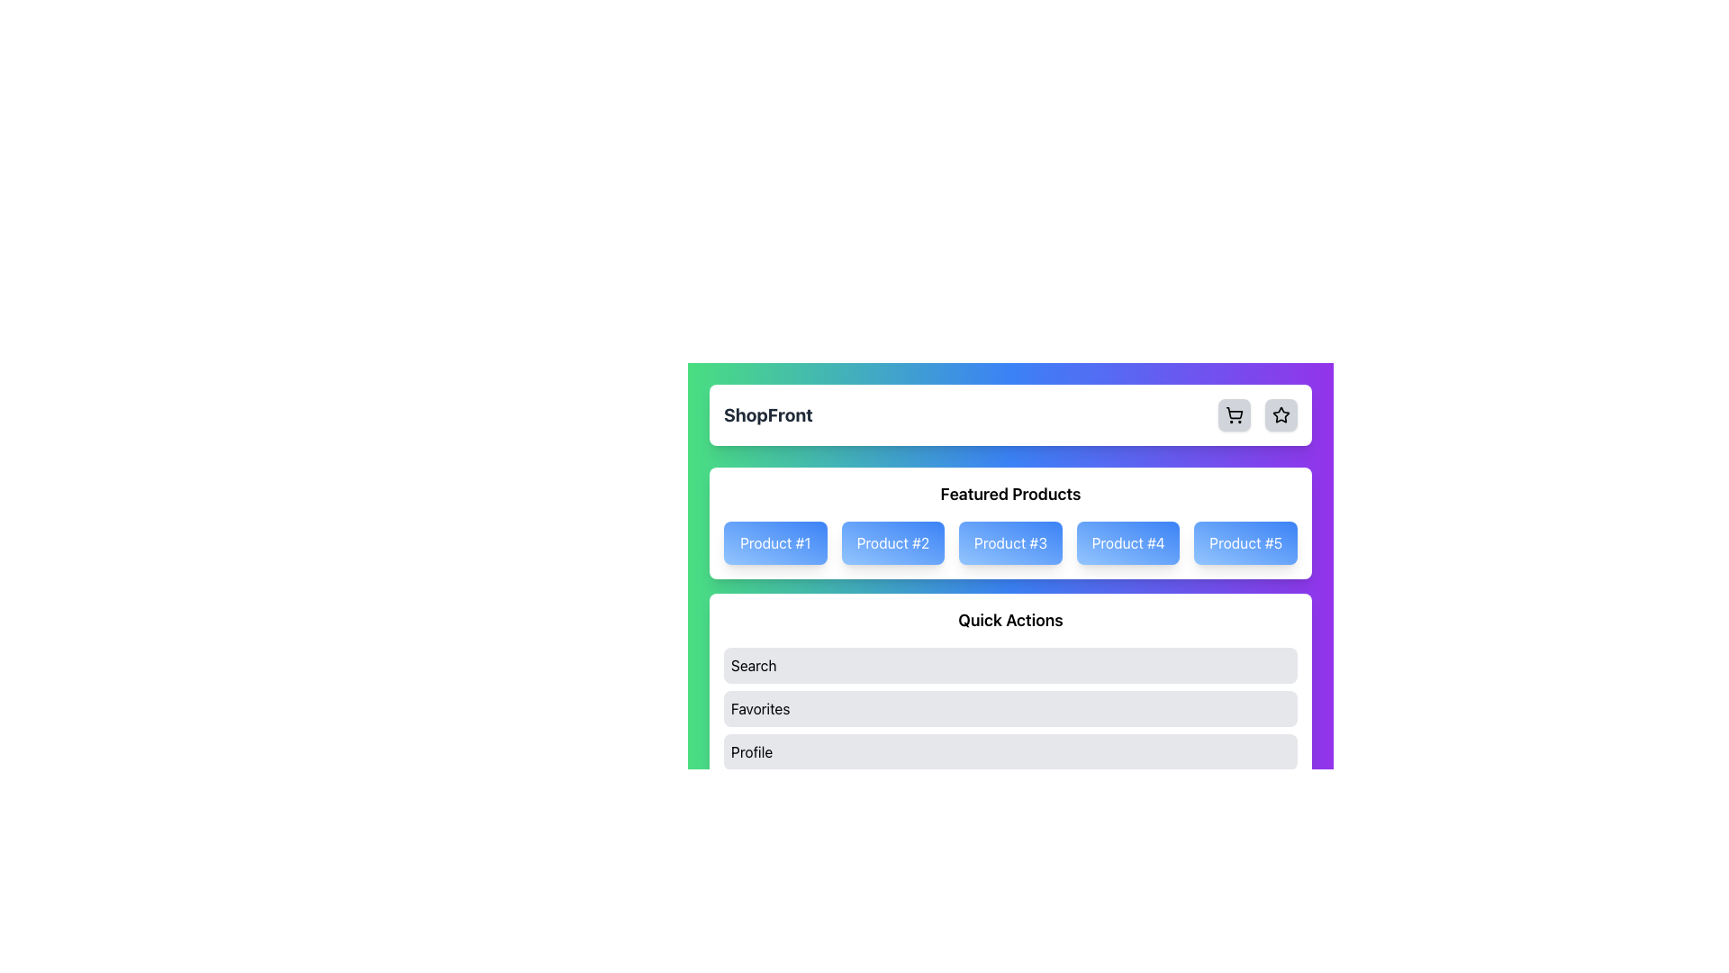 The image size is (1729, 973). I want to click on the second button in the 'Featured Products' section, which is related to 'Product #2', to observe the interactive effects, so click(892, 541).